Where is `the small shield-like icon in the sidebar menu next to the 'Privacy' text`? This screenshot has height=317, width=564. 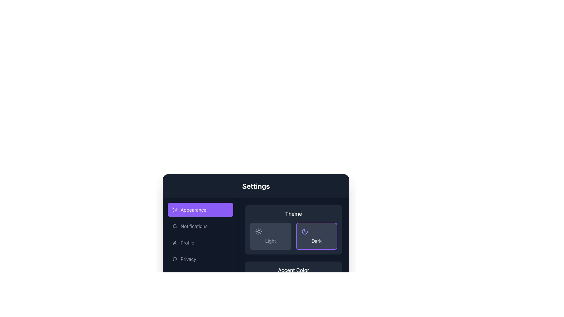 the small shield-like icon in the sidebar menu next to the 'Privacy' text is located at coordinates (174, 259).